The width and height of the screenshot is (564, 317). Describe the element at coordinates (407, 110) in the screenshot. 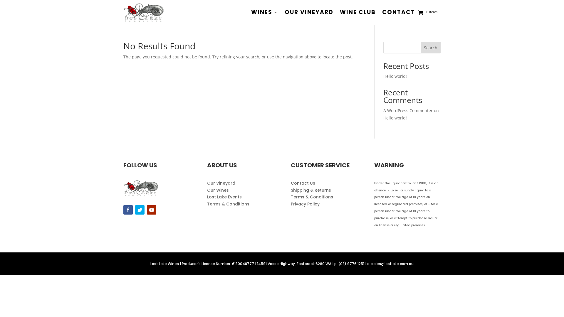

I see `'A WordPress Commenter'` at that location.